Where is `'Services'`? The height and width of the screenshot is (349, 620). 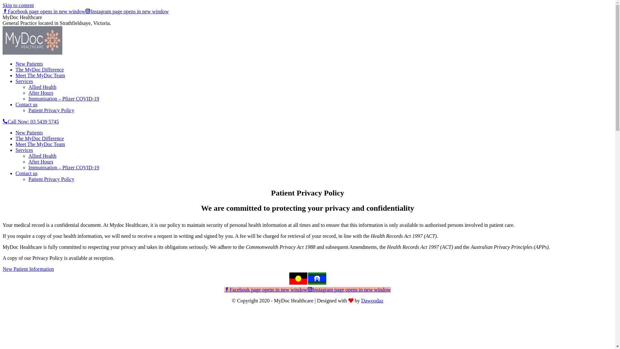
'Services' is located at coordinates (24, 81).